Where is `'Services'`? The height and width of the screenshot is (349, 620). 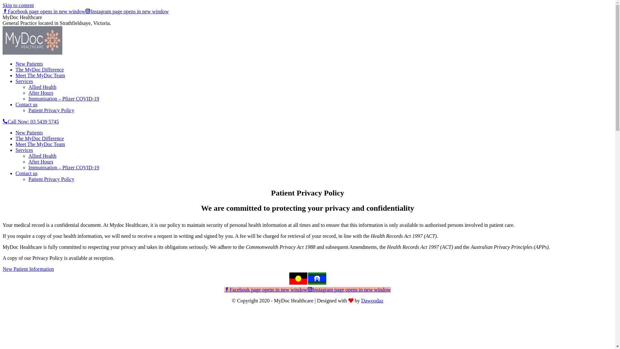
'Services' is located at coordinates (24, 81).